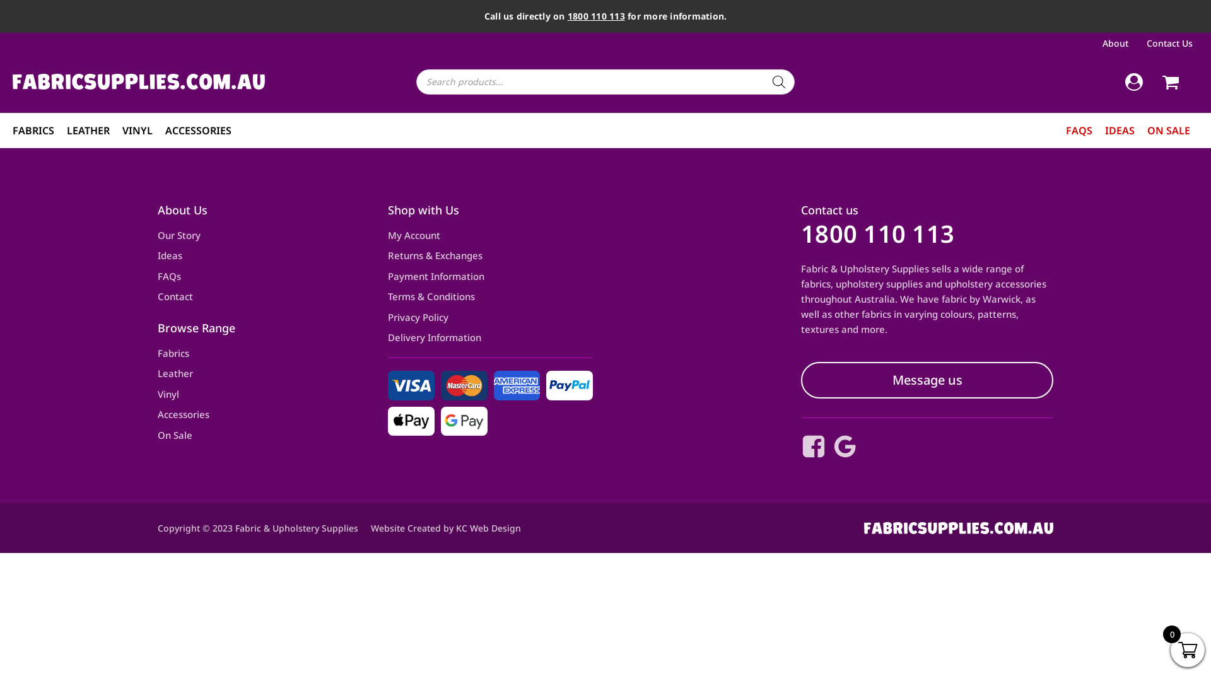 This screenshot has height=681, width=1211. I want to click on 'Ideas', so click(169, 255).